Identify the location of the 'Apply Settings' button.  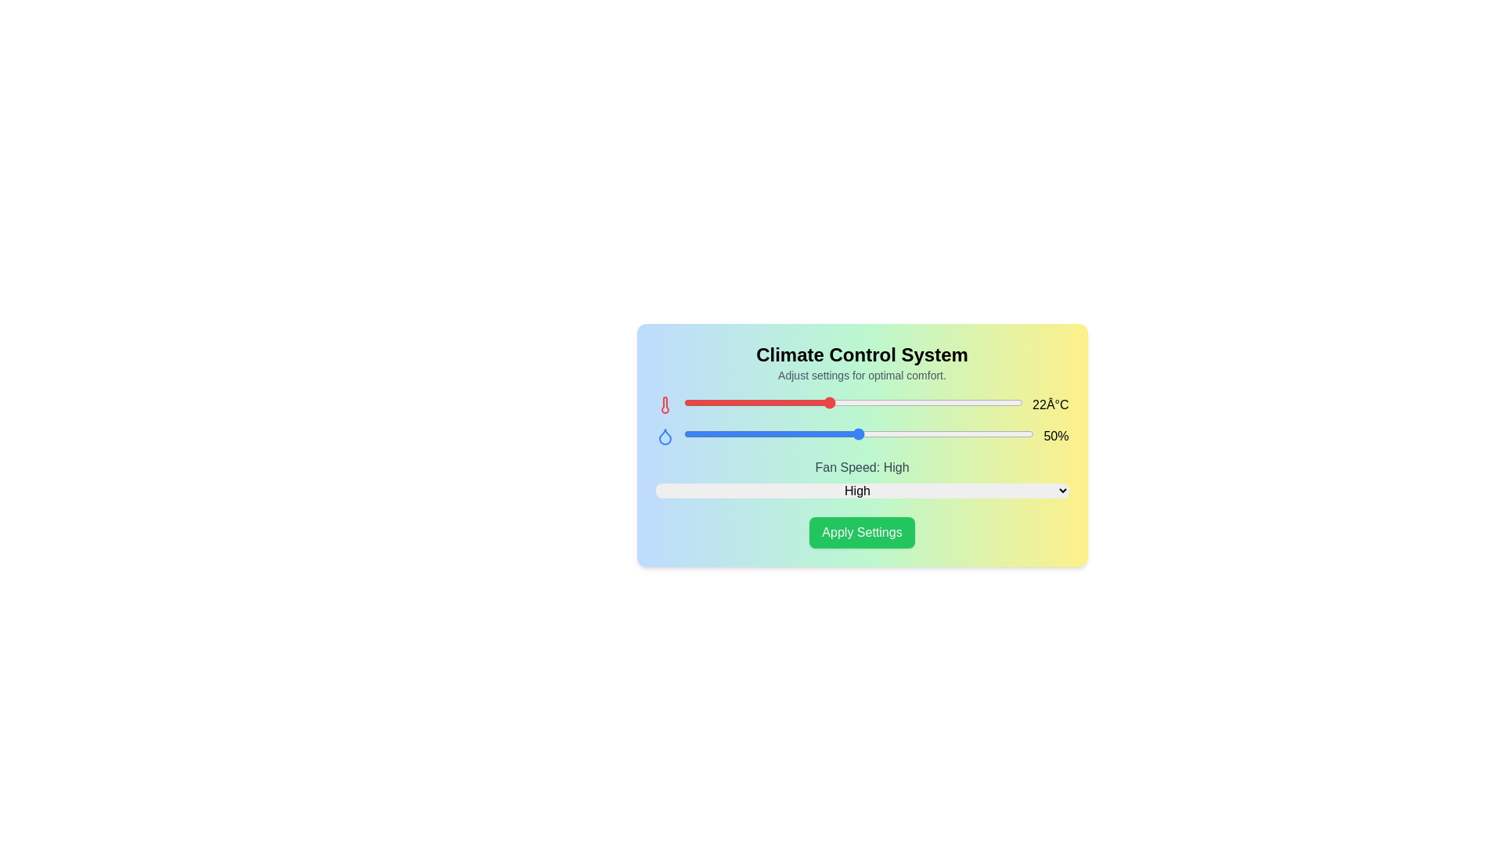
(861, 532).